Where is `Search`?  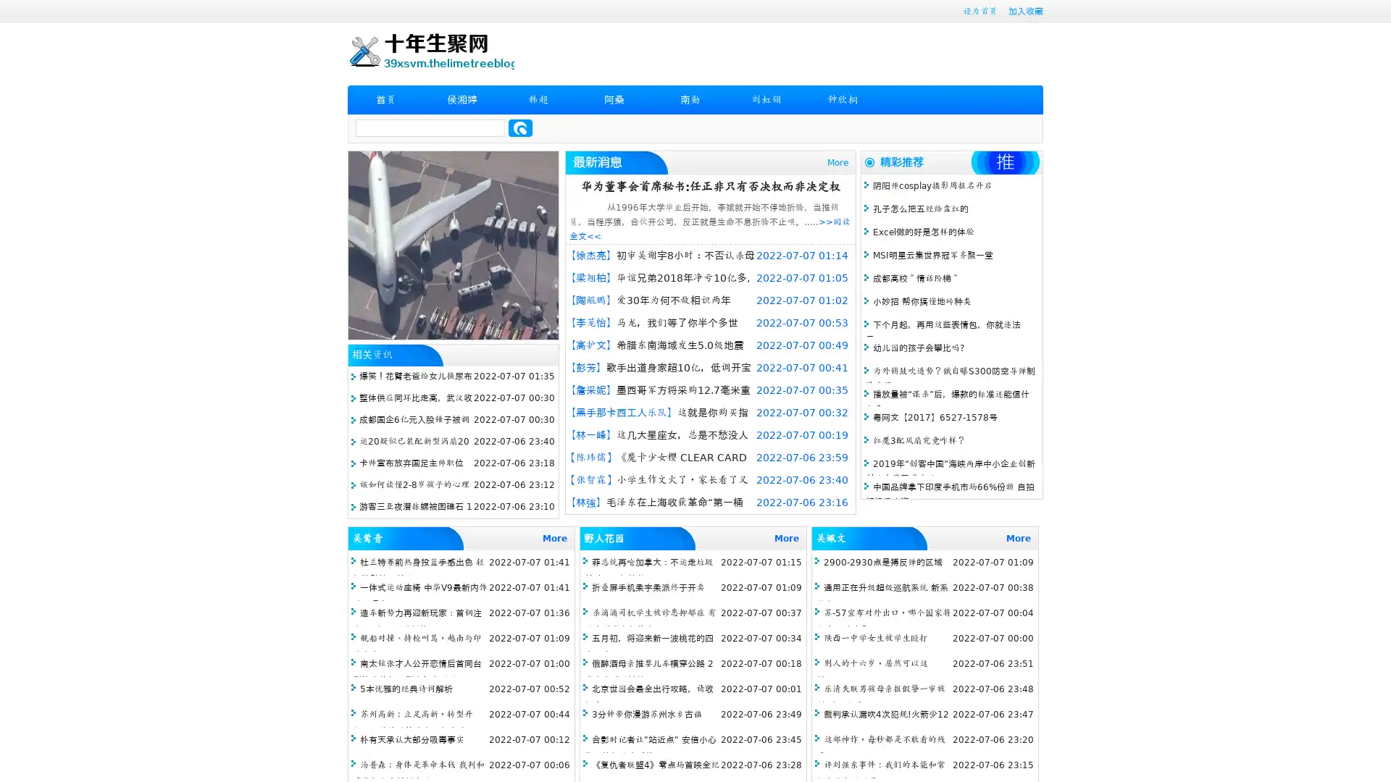 Search is located at coordinates (520, 127).